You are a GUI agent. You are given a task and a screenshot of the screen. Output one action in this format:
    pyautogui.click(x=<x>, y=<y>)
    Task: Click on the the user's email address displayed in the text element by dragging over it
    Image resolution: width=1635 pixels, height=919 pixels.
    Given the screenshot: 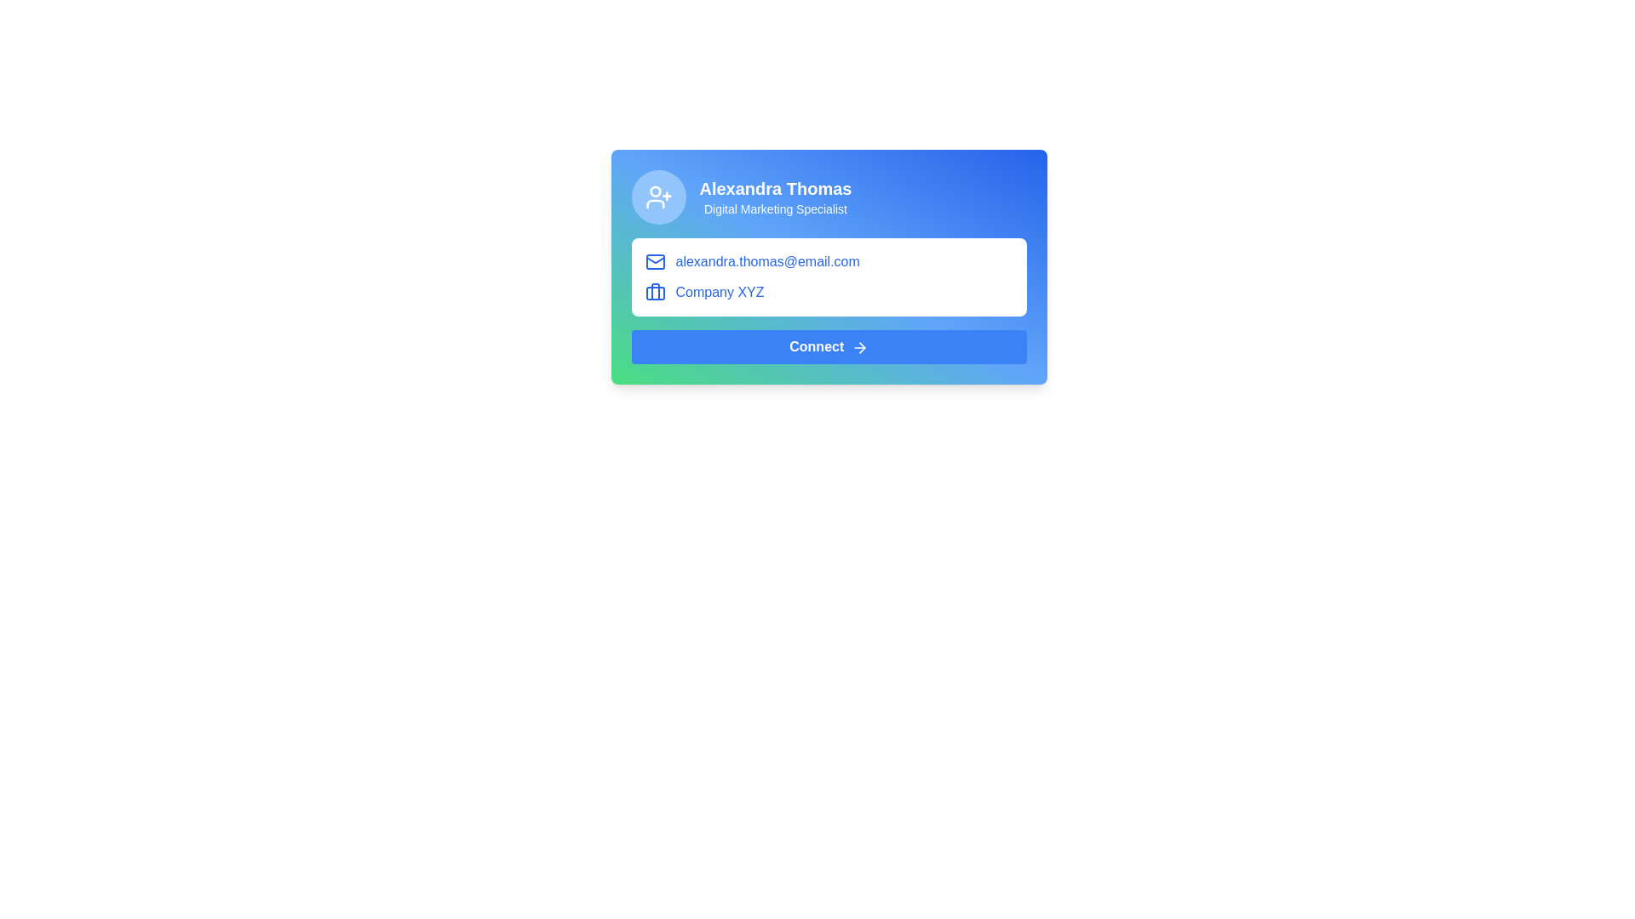 What is the action you would take?
    pyautogui.click(x=766, y=262)
    